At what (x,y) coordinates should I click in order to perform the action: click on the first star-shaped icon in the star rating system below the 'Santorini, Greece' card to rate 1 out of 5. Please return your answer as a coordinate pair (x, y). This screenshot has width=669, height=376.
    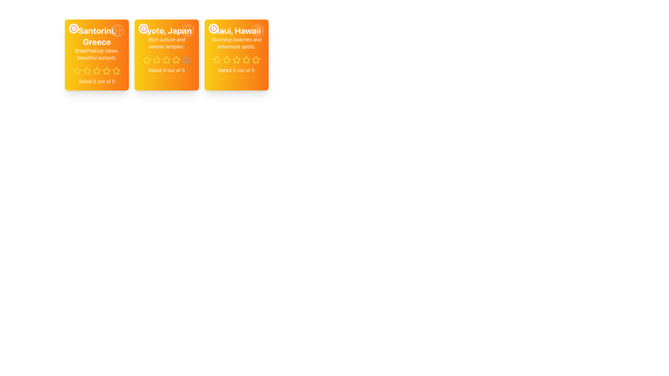
    Looking at the image, I should click on (77, 71).